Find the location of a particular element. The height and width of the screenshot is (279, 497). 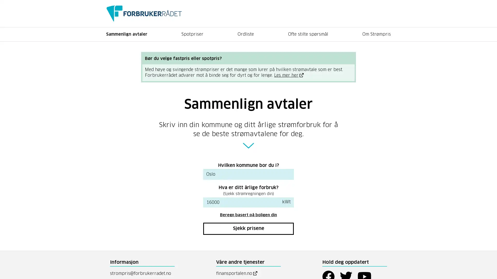

Beregn basert pa boligen din is located at coordinates (248, 215).